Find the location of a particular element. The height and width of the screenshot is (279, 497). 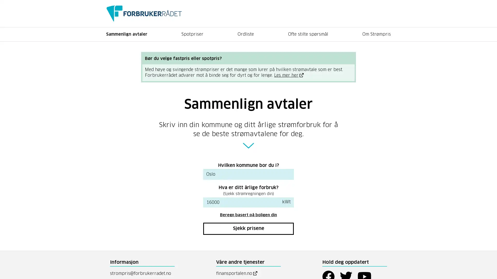

Beregn basert pa boligen din is located at coordinates (248, 215).